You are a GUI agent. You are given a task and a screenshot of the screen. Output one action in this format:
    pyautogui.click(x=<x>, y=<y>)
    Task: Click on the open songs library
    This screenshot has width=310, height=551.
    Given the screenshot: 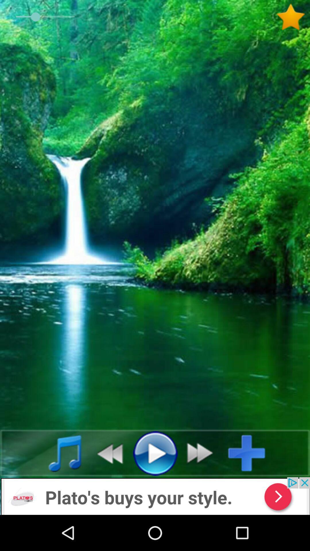 What is the action you would take?
    pyautogui.click(x=59, y=453)
    